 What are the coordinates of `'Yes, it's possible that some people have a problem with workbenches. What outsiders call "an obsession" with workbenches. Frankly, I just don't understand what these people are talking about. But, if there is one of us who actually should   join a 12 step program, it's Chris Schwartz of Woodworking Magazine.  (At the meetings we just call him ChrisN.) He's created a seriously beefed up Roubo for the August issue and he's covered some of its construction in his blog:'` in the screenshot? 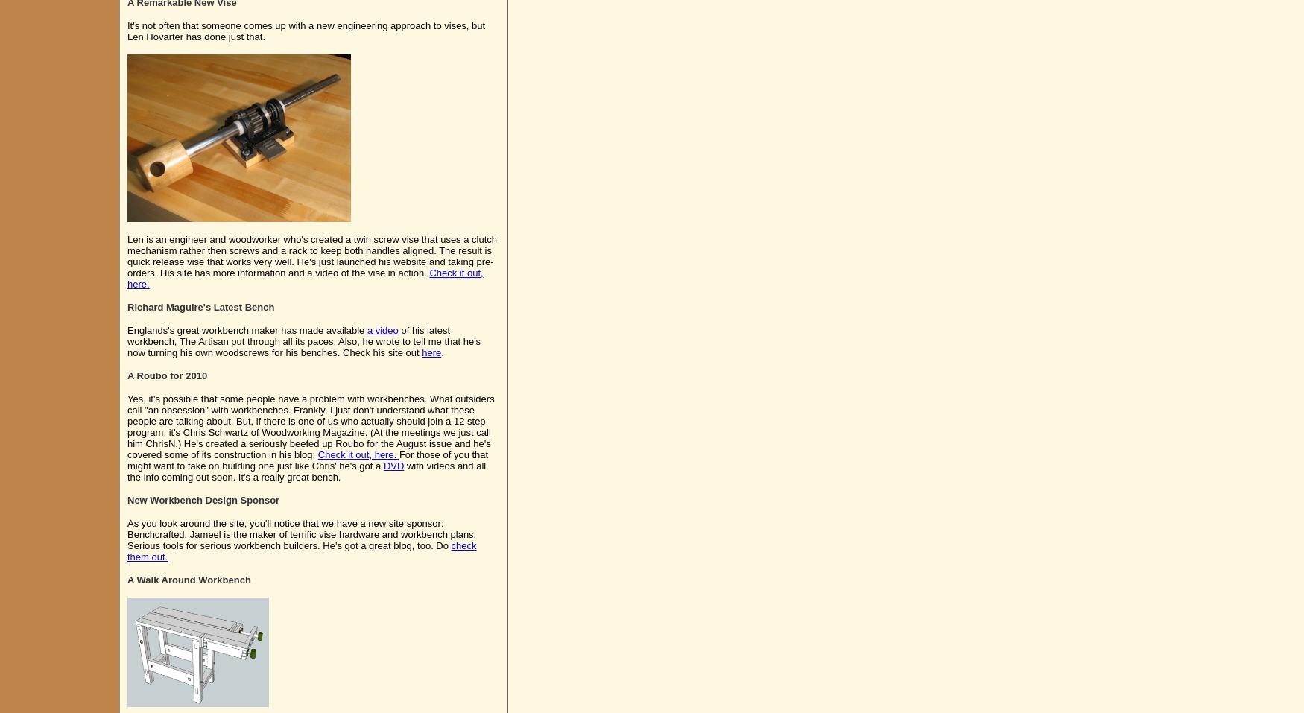 It's located at (310, 426).